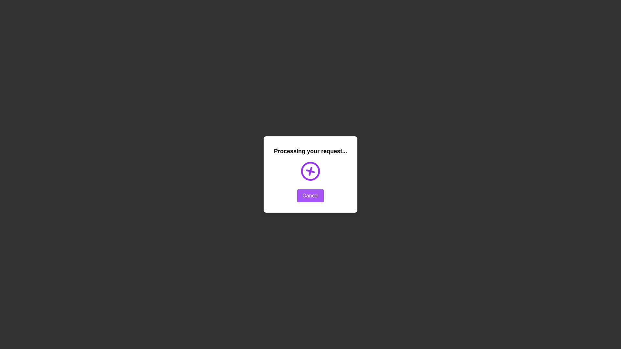 Image resolution: width=621 pixels, height=349 pixels. What do you see at coordinates (310, 171) in the screenshot?
I see `the purple circular interactive graphical indicator with a cross mark ('X') located at the center of the modal titled 'Processing your request...'` at bounding box center [310, 171].